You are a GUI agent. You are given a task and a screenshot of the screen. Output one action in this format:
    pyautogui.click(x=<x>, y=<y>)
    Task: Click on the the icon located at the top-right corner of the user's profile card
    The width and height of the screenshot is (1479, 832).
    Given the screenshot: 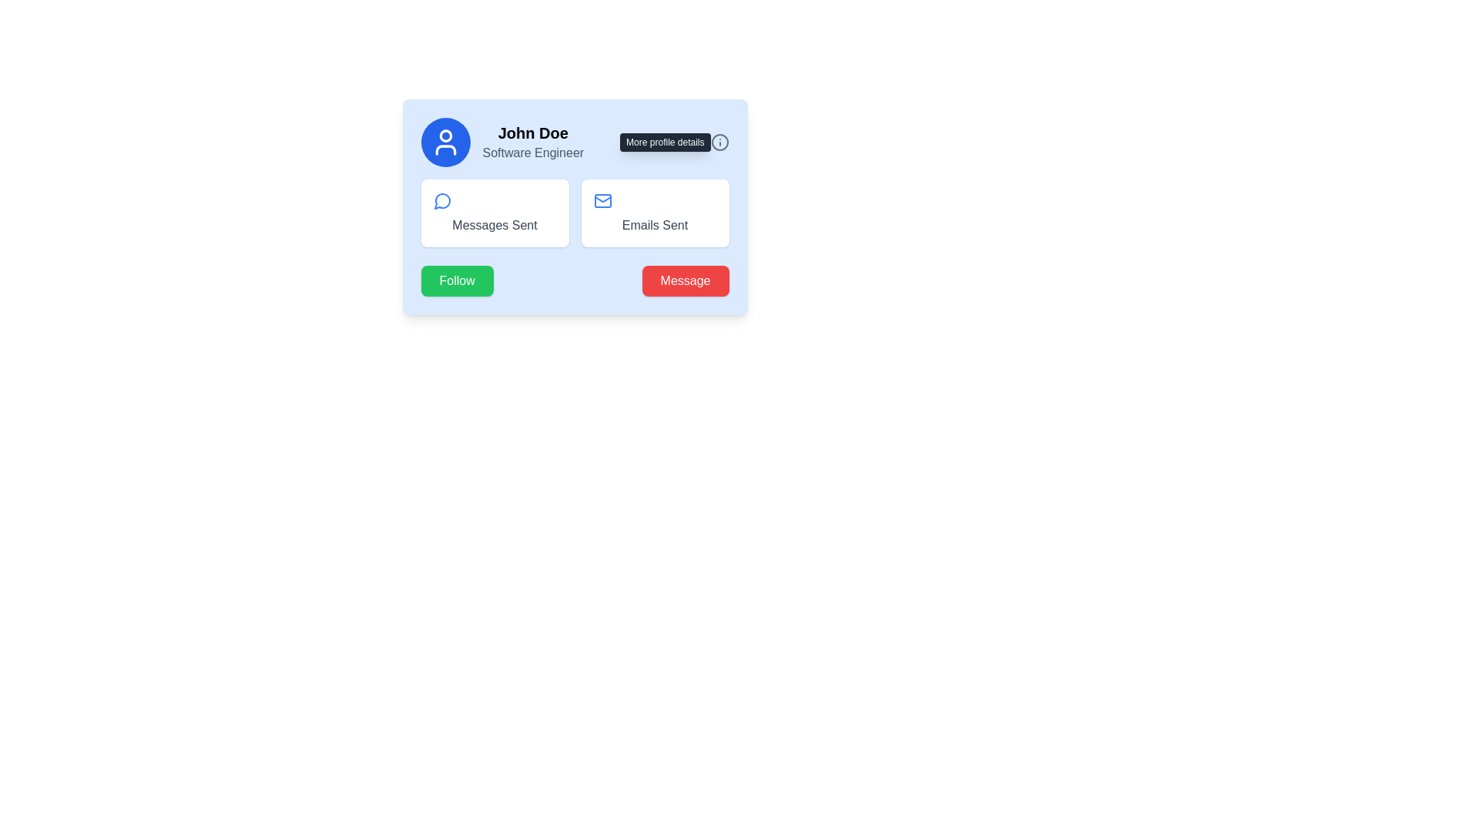 What is the action you would take?
    pyautogui.click(x=719, y=143)
    